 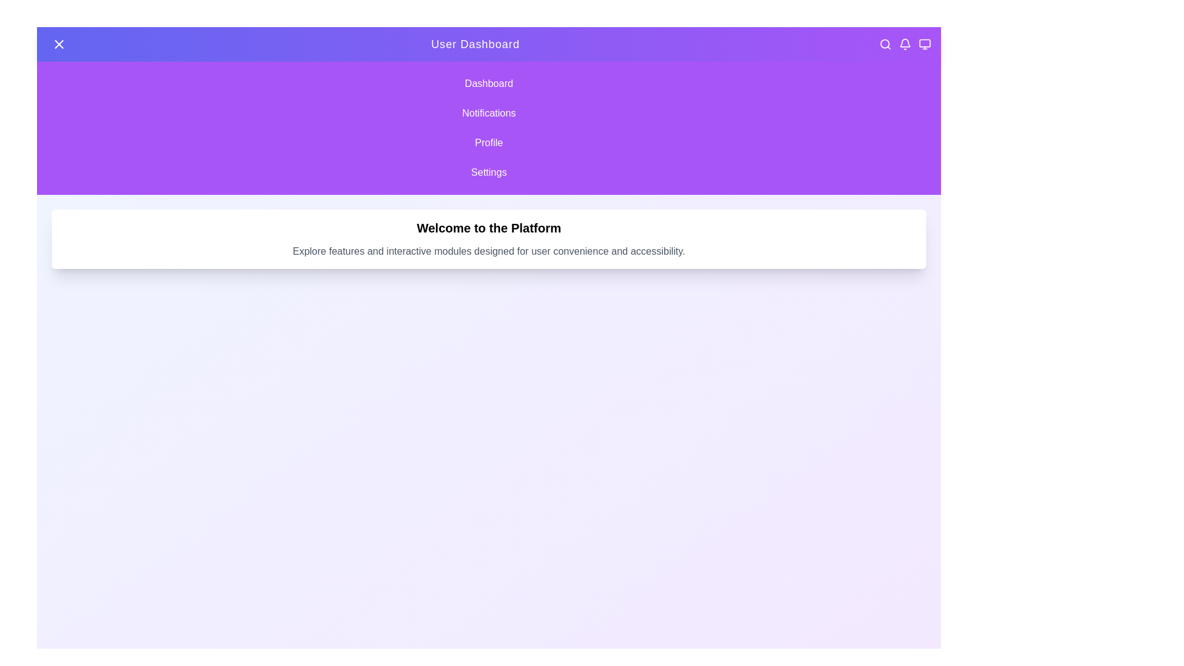 I want to click on the Search icon in the header, so click(x=884, y=44).